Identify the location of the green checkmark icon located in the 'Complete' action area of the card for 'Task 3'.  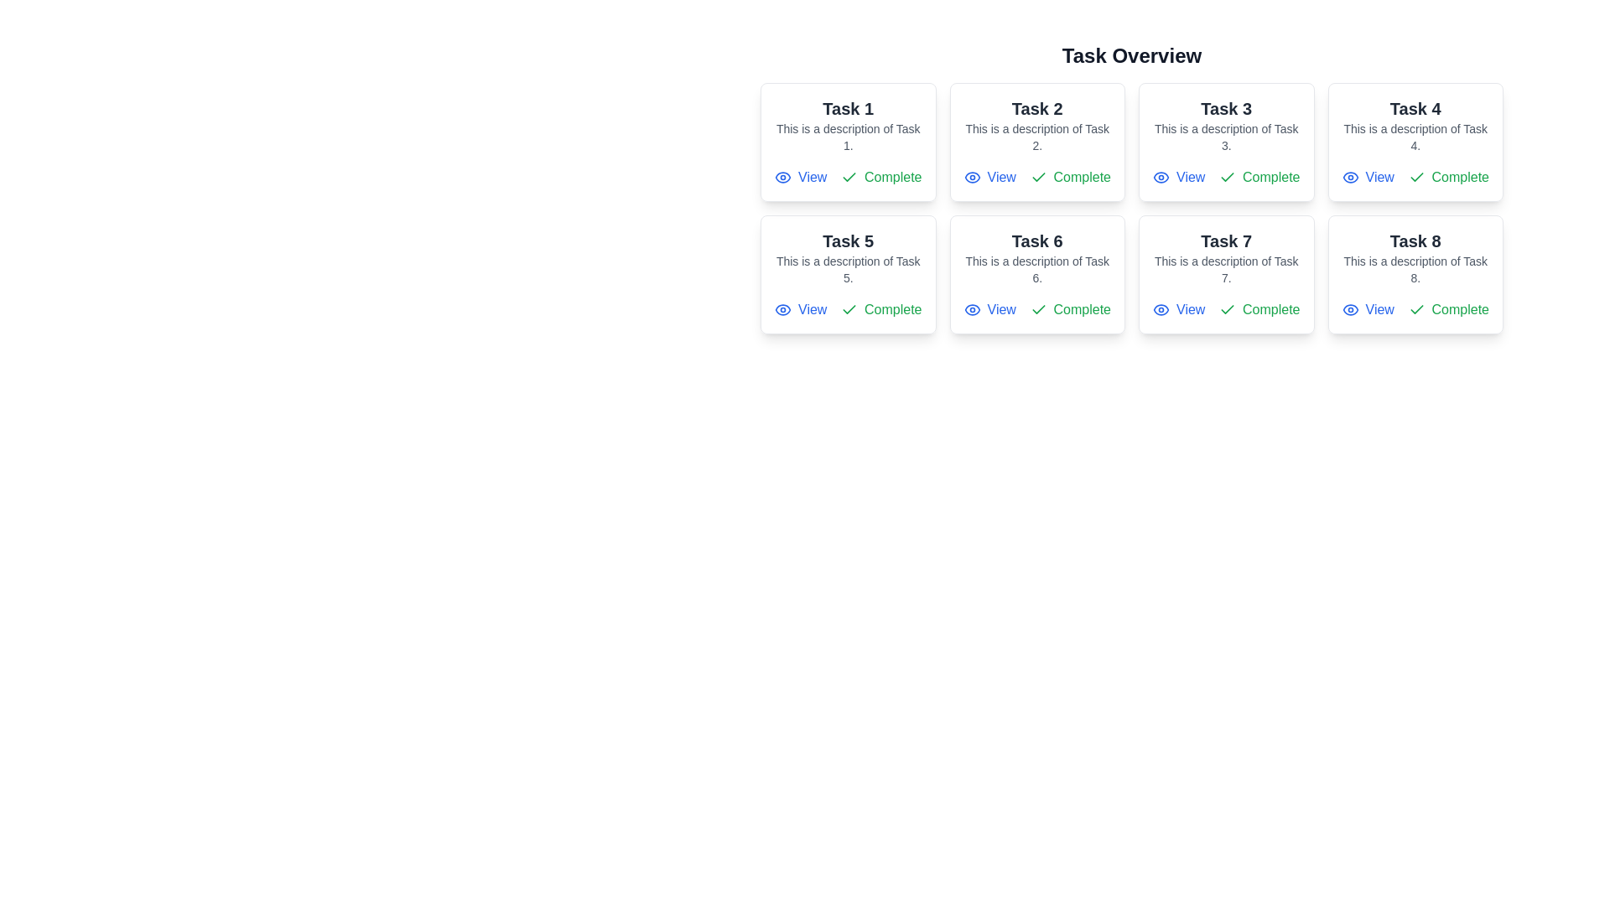
(1228, 178).